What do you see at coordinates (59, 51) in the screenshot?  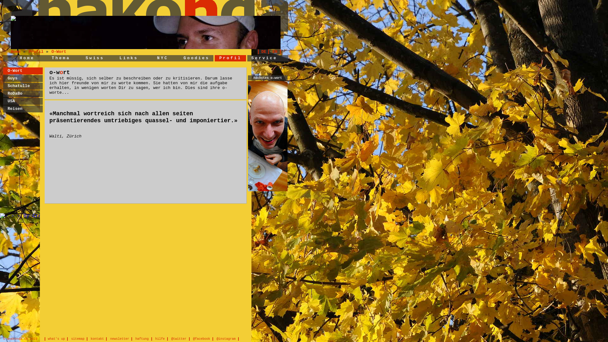 I see `'O-Wort'` at bounding box center [59, 51].